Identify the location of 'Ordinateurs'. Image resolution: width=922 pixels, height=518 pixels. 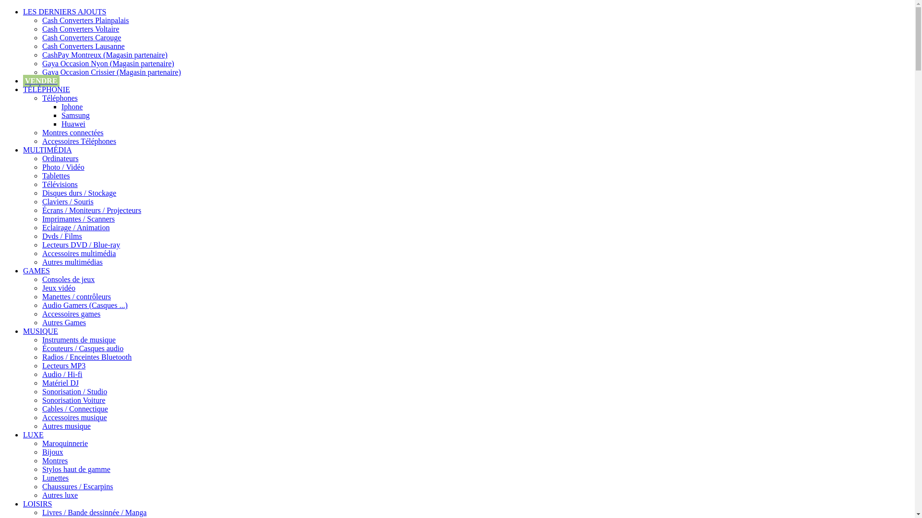
(60, 158).